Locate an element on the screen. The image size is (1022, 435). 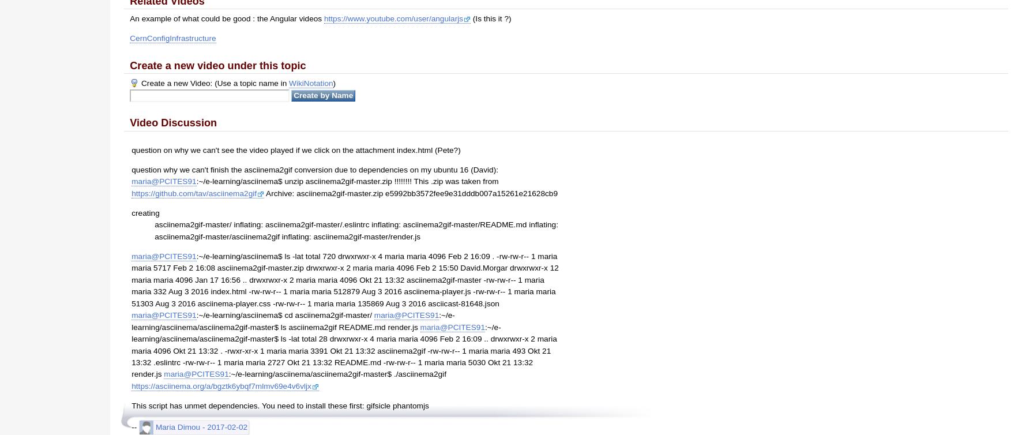
':~/e-learning/asciinema$ unzip asciinema2gif-master.zip 
!!!!!!!! This .zip was taken from' is located at coordinates (347, 181).